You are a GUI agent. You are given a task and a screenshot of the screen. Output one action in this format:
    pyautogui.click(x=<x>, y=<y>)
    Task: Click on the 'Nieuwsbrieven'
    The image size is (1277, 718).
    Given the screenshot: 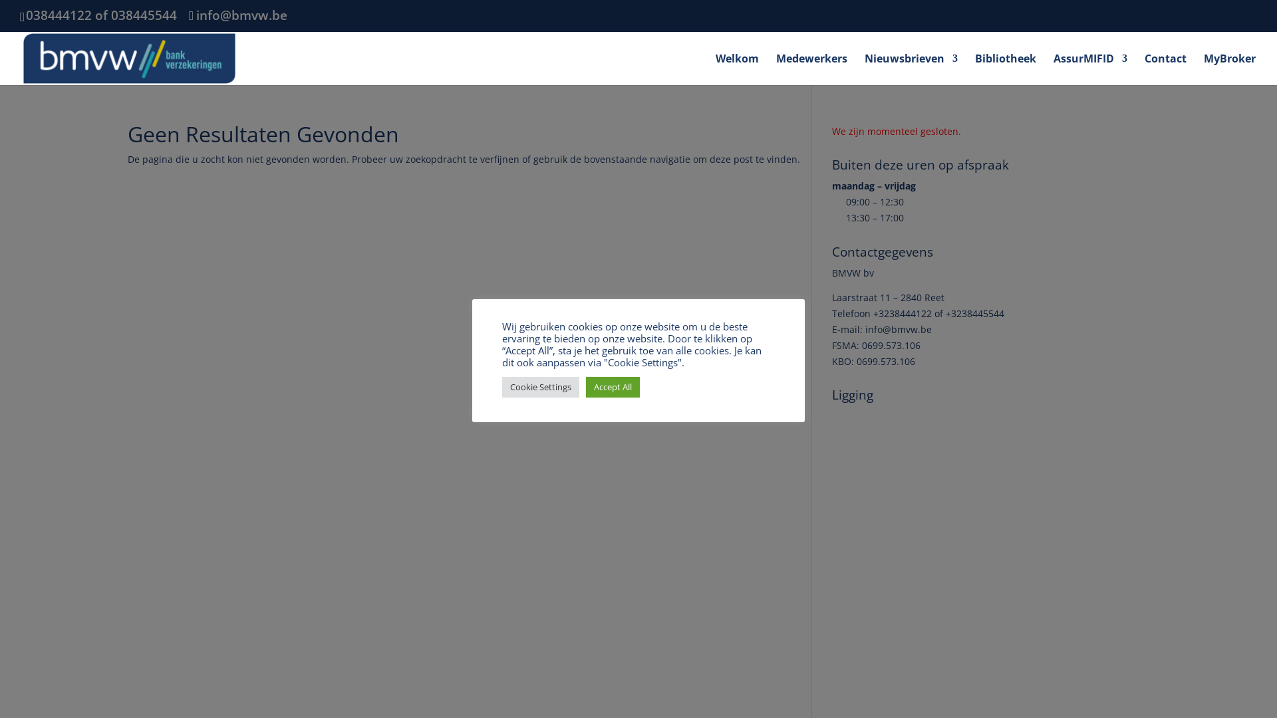 What is the action you would take?
    pyautogui.click(x=865, y=68)
    